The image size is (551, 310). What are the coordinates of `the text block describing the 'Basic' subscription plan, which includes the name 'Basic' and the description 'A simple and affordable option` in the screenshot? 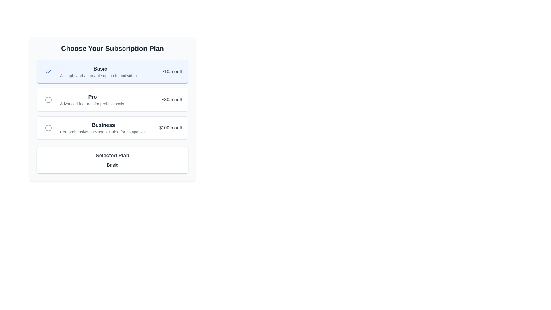 It's located at (100, 71).